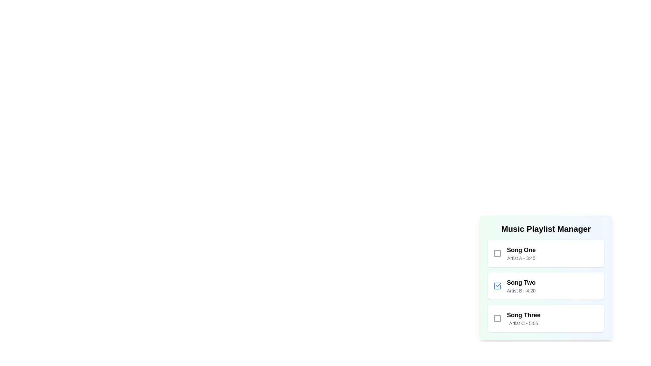  Describe the element at coordinates (497, 253) in the screenshot. I see `the checkbox located to the far left of the 'Song One' entry, which has a gray border and a white center` at that location.